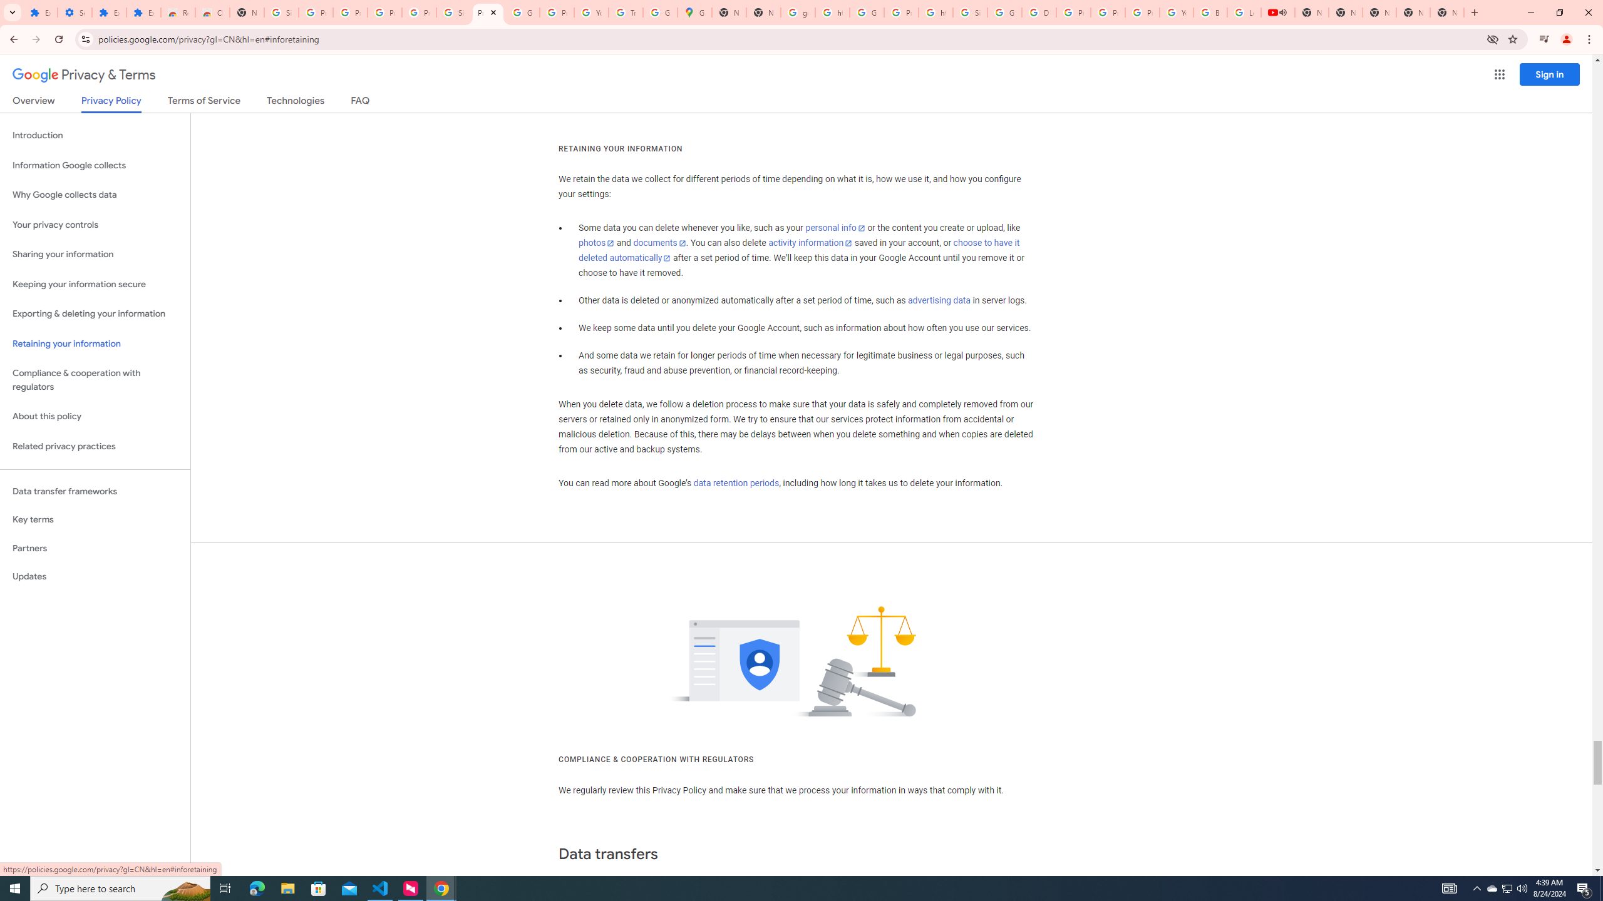 Image resolution: width=1603 pixels, height=901 pixels. What do you see at coordinates (95, 225) in the screenshot?
I see `'Your privacy controls'` at bounding box center [95, 225].